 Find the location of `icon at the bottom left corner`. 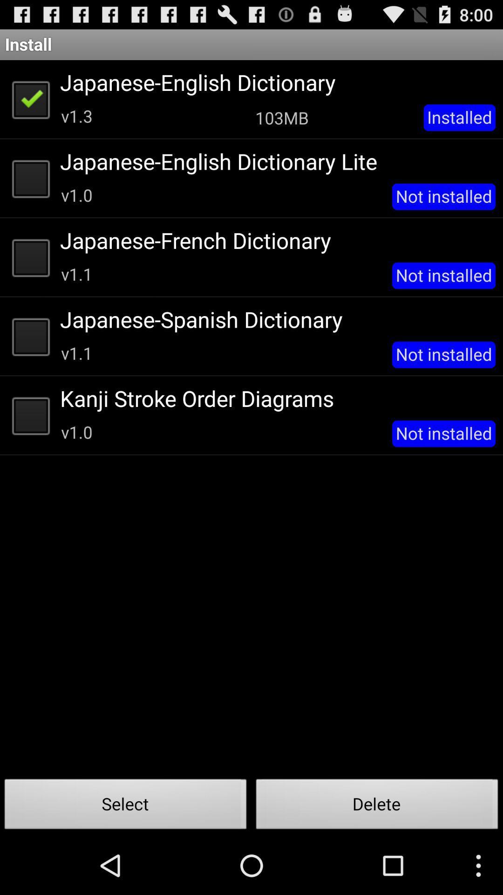

icon at the bottom left corner is located at coordinates (126, 806).